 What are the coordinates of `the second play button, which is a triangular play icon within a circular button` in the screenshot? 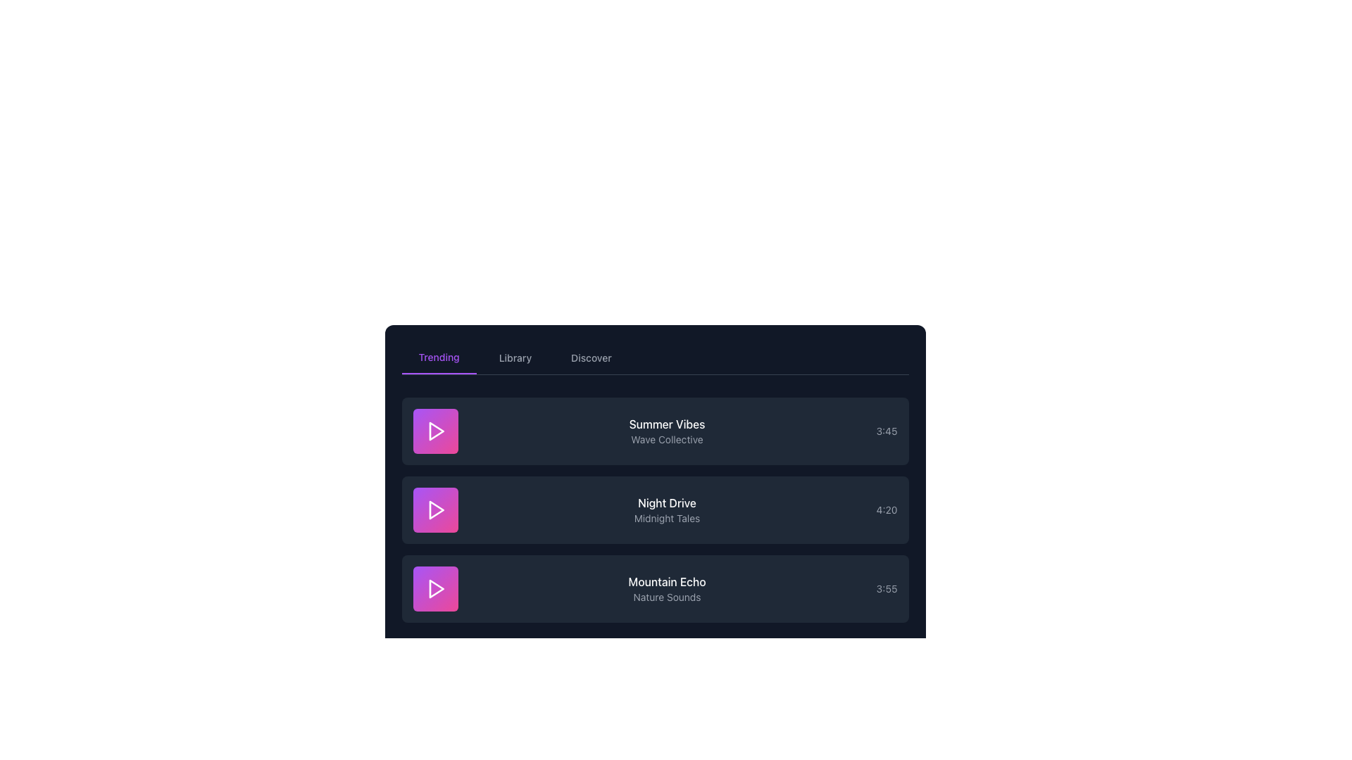 It's located at (434, 510).